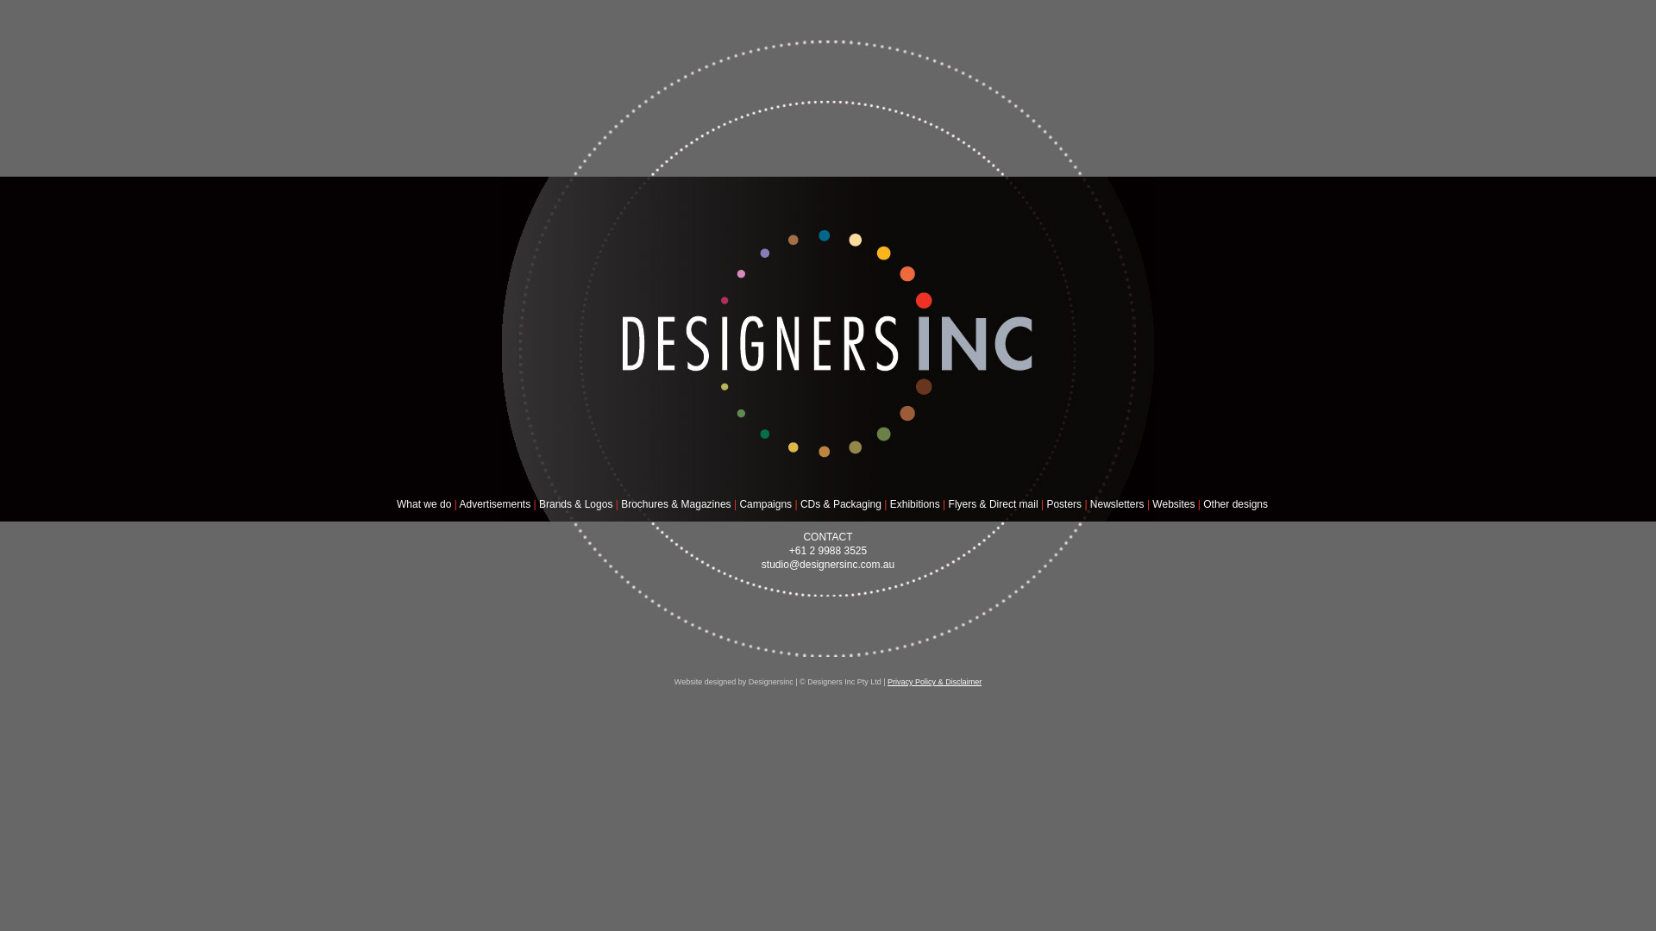  Describe the element at coordinates (840, 504) in the screenshot. I see `'CDs & Packaging'` at that location.